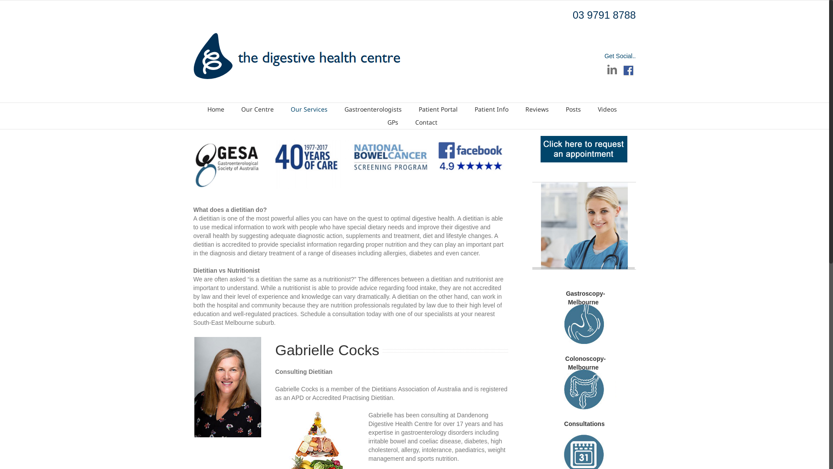 The image size is (833, 469). I want to click on 'Contact', so click(426, 122).